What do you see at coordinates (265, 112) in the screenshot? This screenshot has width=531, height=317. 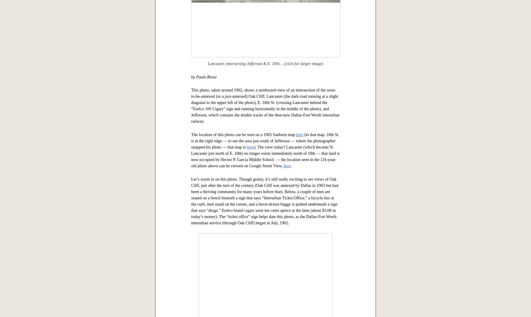 I see `'October 13, 2018'` at bounding box center [265, 112].